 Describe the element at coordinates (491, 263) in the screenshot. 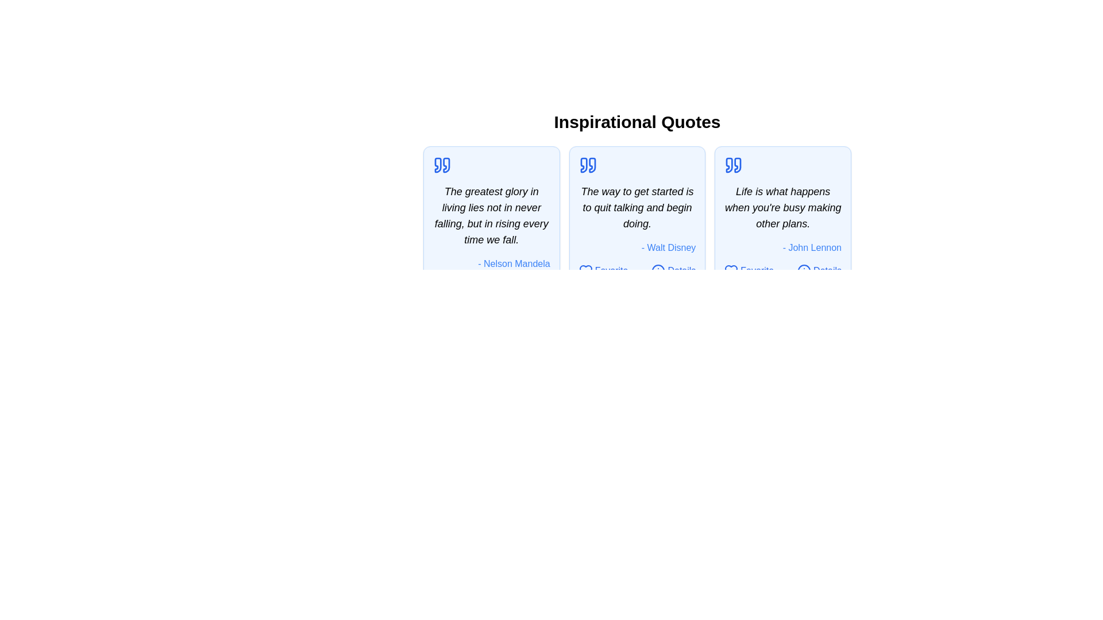

I see `the Text label that attributes the displayed quote to Nelson Mandela, located below the italicized quote text and above the 'Favorite' and 'Details' buttons` at that location.